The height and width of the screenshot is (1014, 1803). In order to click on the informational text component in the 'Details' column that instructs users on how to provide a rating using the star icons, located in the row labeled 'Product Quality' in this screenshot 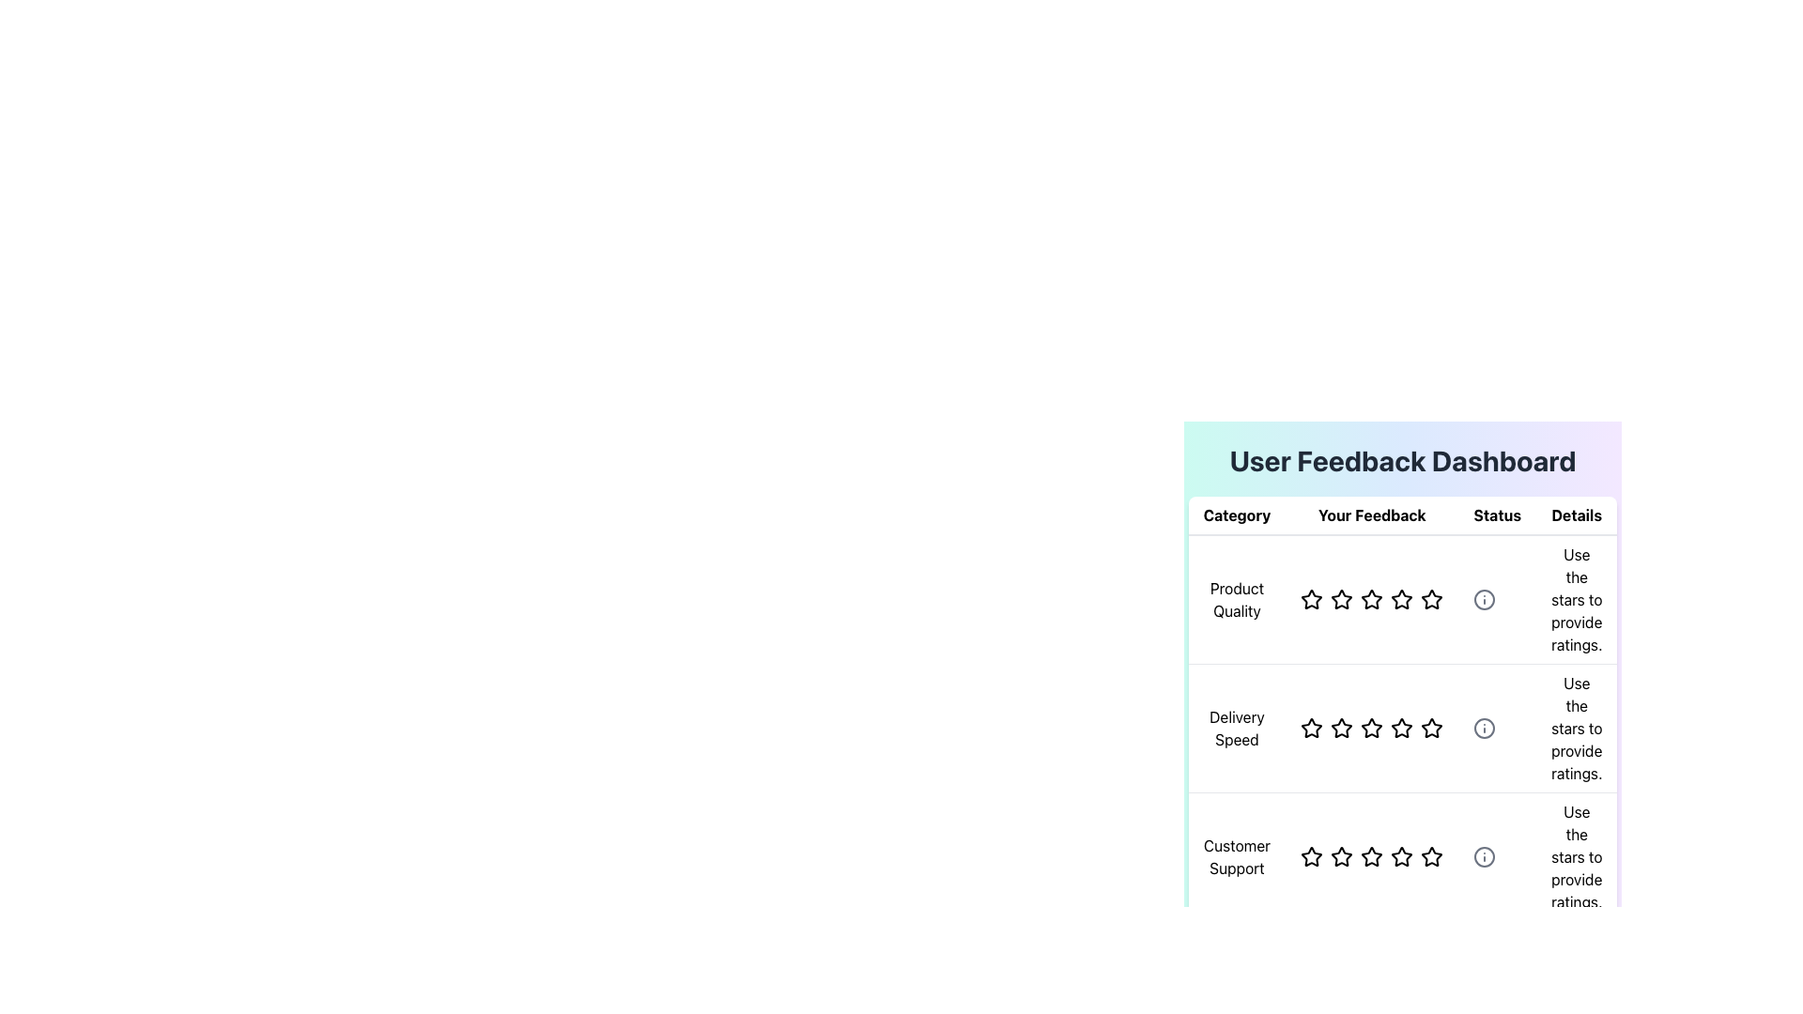, I will do `click(1577, 599)`.